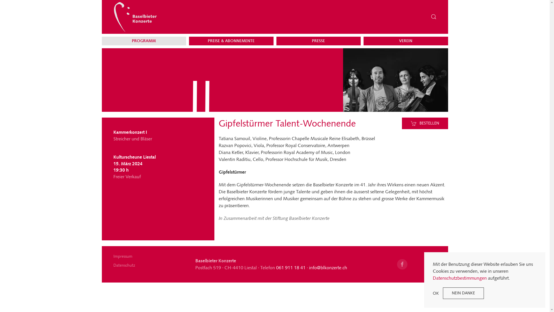 This screenshot has height=312, width=554. Describe the element at coordinates (291, 268) in the screenshot. I see `'061 911 18 41'` at that location.